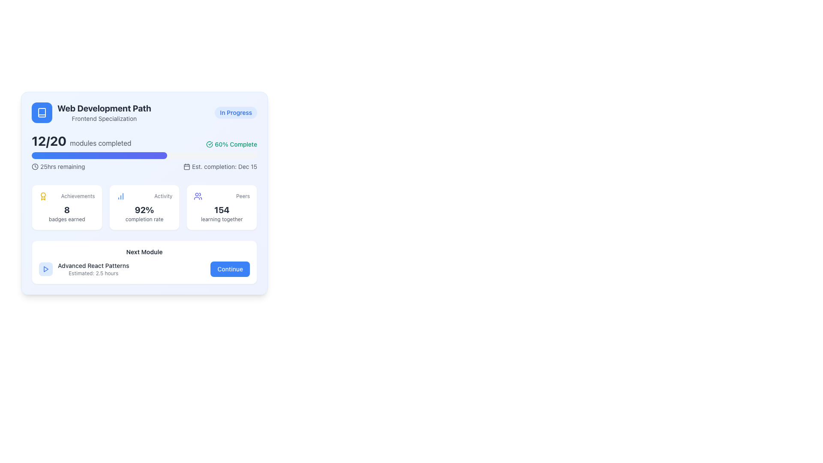 The image size is (823, 463). Describe the element at coordinates (93, 269) in the screenshot. I see `the text label displaying 'Advanced React Patterns' and 'Estimated: 2.5 hours'` at that location.